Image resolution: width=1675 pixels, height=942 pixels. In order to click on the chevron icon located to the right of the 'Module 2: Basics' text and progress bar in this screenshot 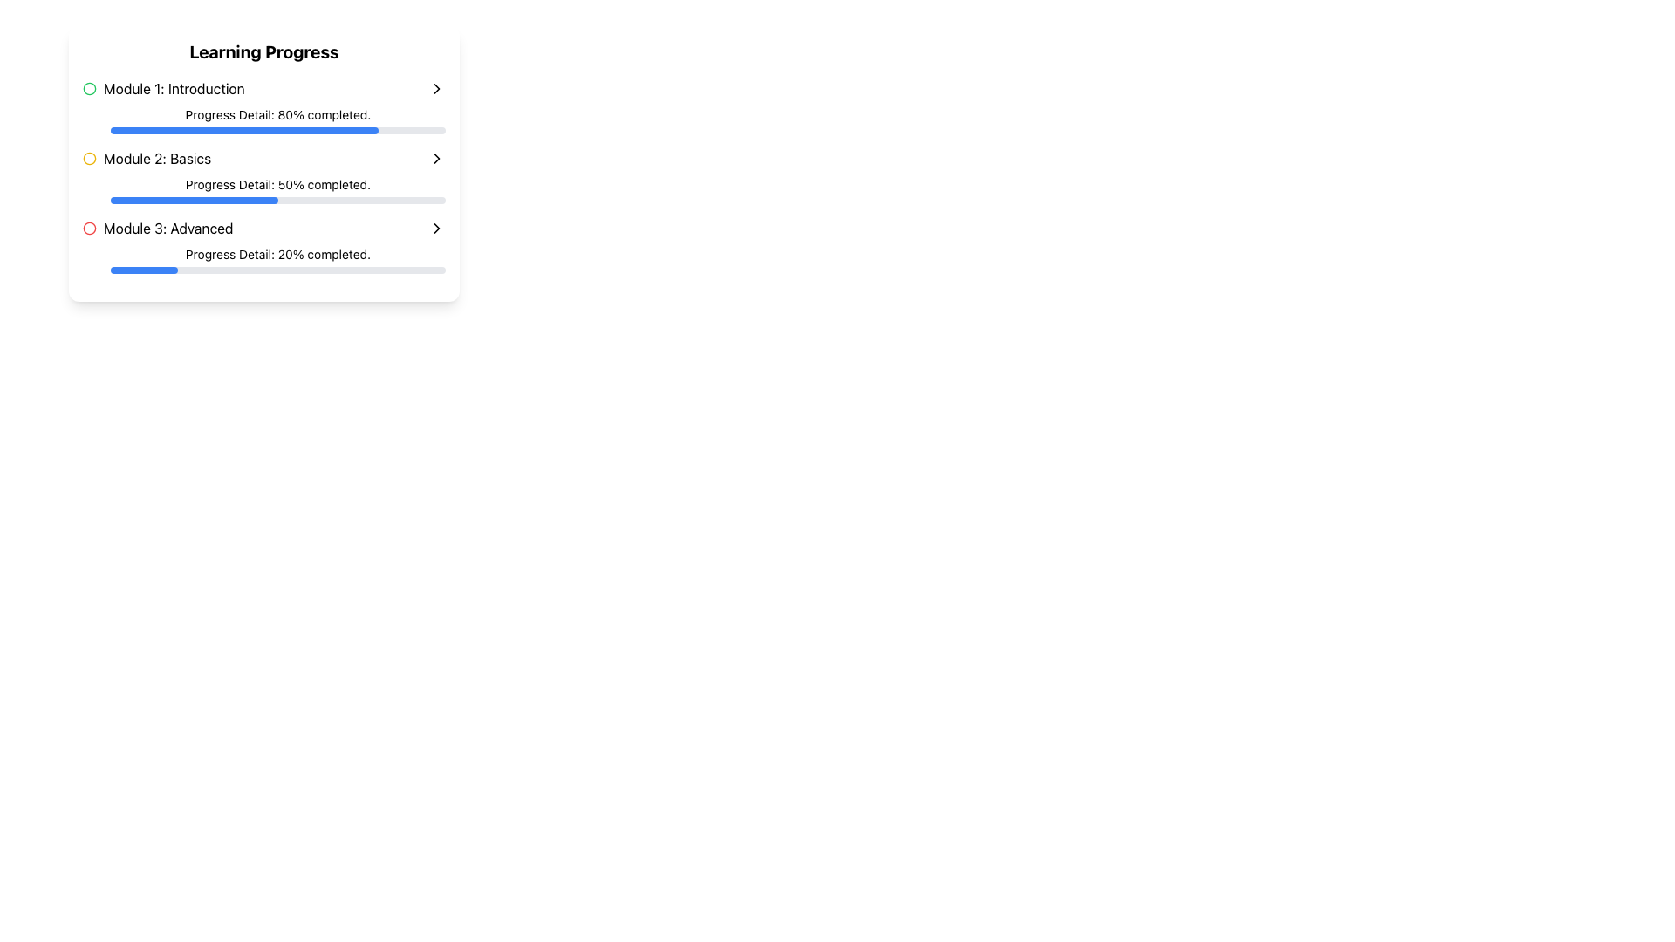, I will do `click(436, 158)`.